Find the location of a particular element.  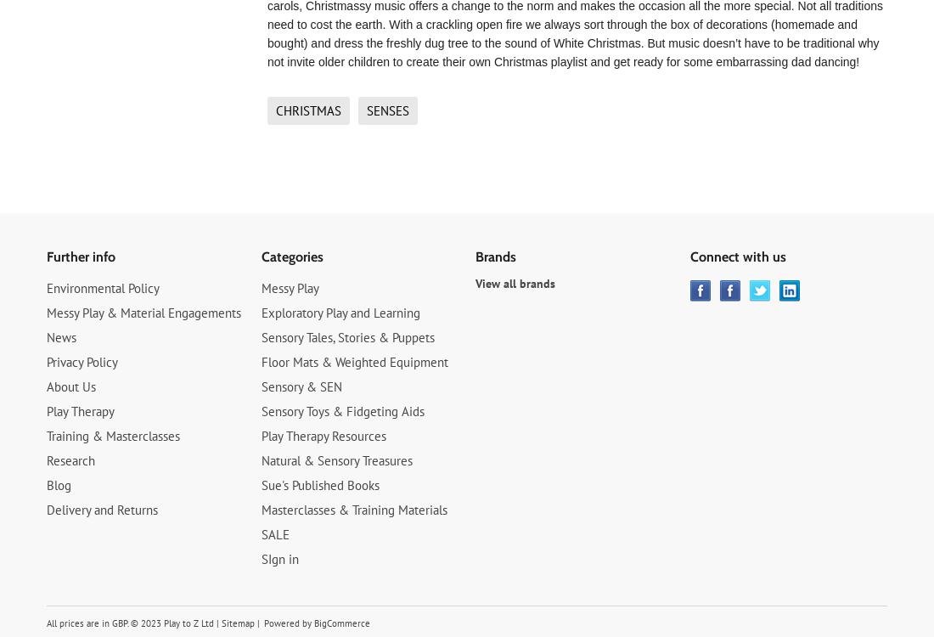

'© 2023 Play to Z Ltd' is located at coordinates (171, 623).